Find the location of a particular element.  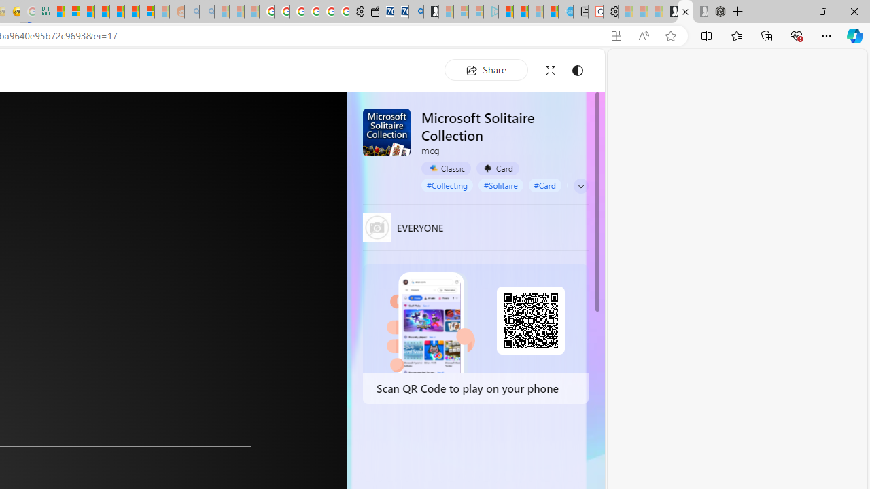

'App available. Install Microsoft Solitaire Collection' is located at coordinates (615, 35).